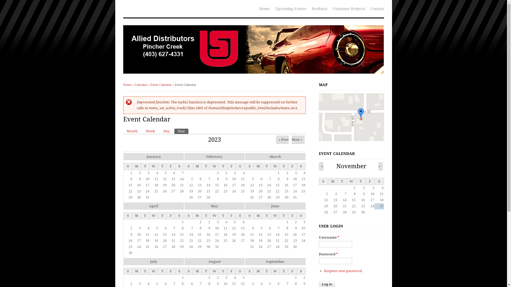  I want to click on 'Calendar', so click(134, 85).